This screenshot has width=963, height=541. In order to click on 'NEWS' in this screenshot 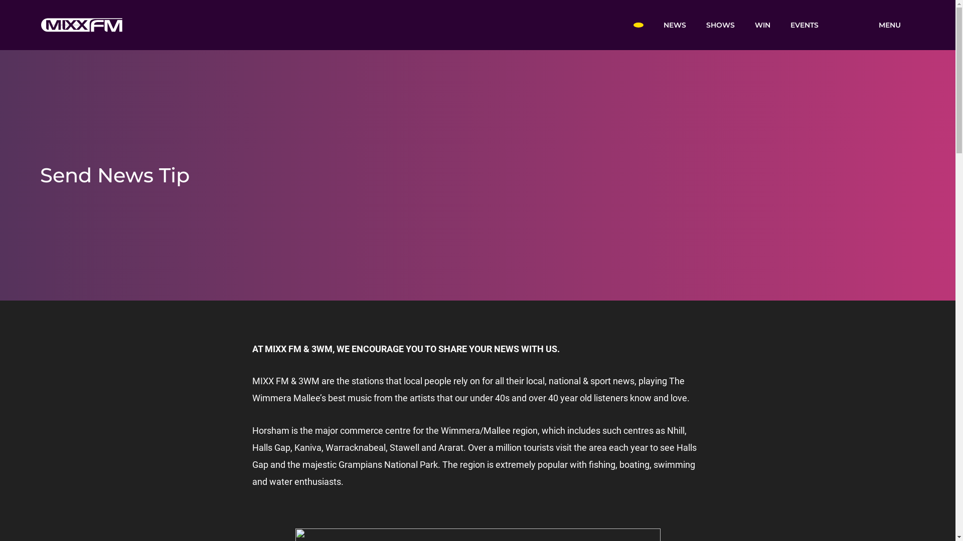, I will do `click(674, 24)`.